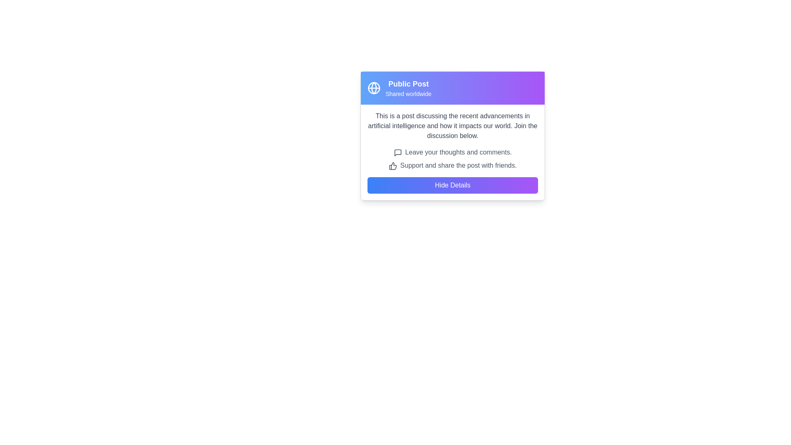  Describe the element at coordinates (408, 88) in the screenshot. I see `text from the Text Area indicating the post's visibility level and sharing status, located at the top section of a card-like structure adjacent to a globe icon` at that location.